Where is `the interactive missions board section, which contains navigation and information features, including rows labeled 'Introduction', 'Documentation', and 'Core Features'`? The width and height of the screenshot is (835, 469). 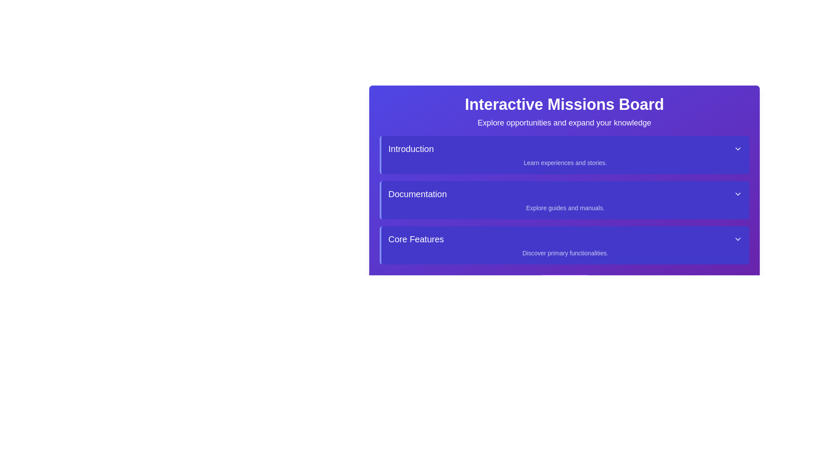 the interactive missions board section, which contains navigation and information features, including rows labeled 'Introduction', 'Documentation', and 'Core Features' is located at coordinates (564, 175).